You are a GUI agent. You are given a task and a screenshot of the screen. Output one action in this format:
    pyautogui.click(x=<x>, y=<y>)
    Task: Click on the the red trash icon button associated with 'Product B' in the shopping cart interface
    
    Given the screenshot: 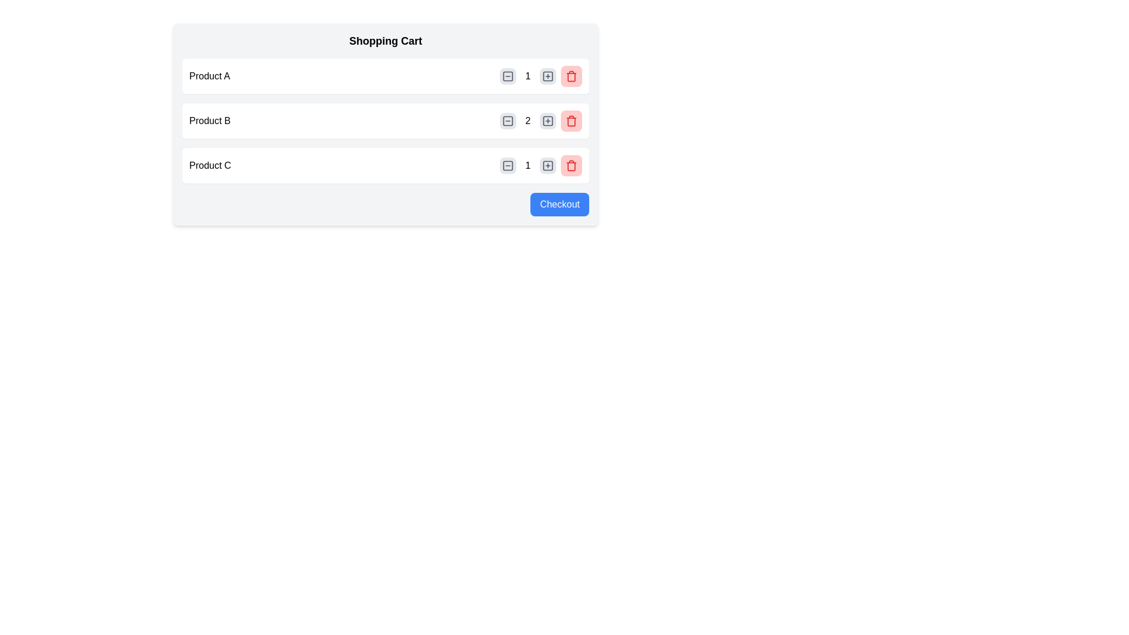 What is the action you would take?
    pyautogui.click(x=571, y=121)
    